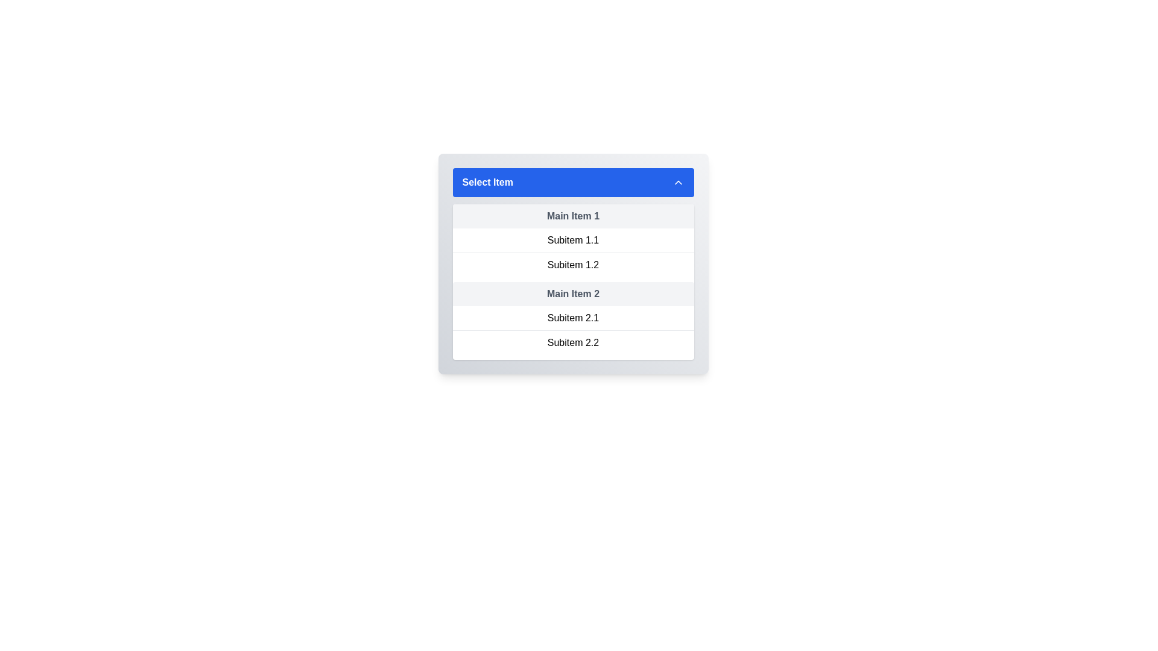  I want to click on the chevron arrow icon located at the far right end of the blue header bar labeled 'Select Item', so click(678, 183).